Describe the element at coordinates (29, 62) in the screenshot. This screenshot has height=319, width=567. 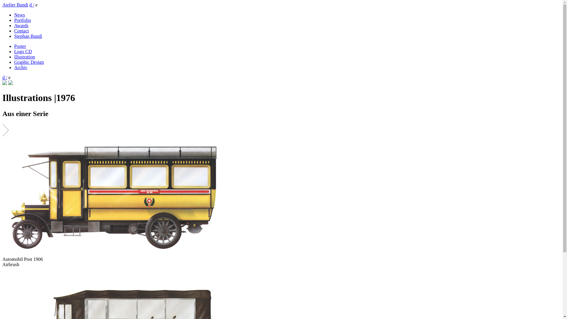
I see `'Graphic Design'` at that location.